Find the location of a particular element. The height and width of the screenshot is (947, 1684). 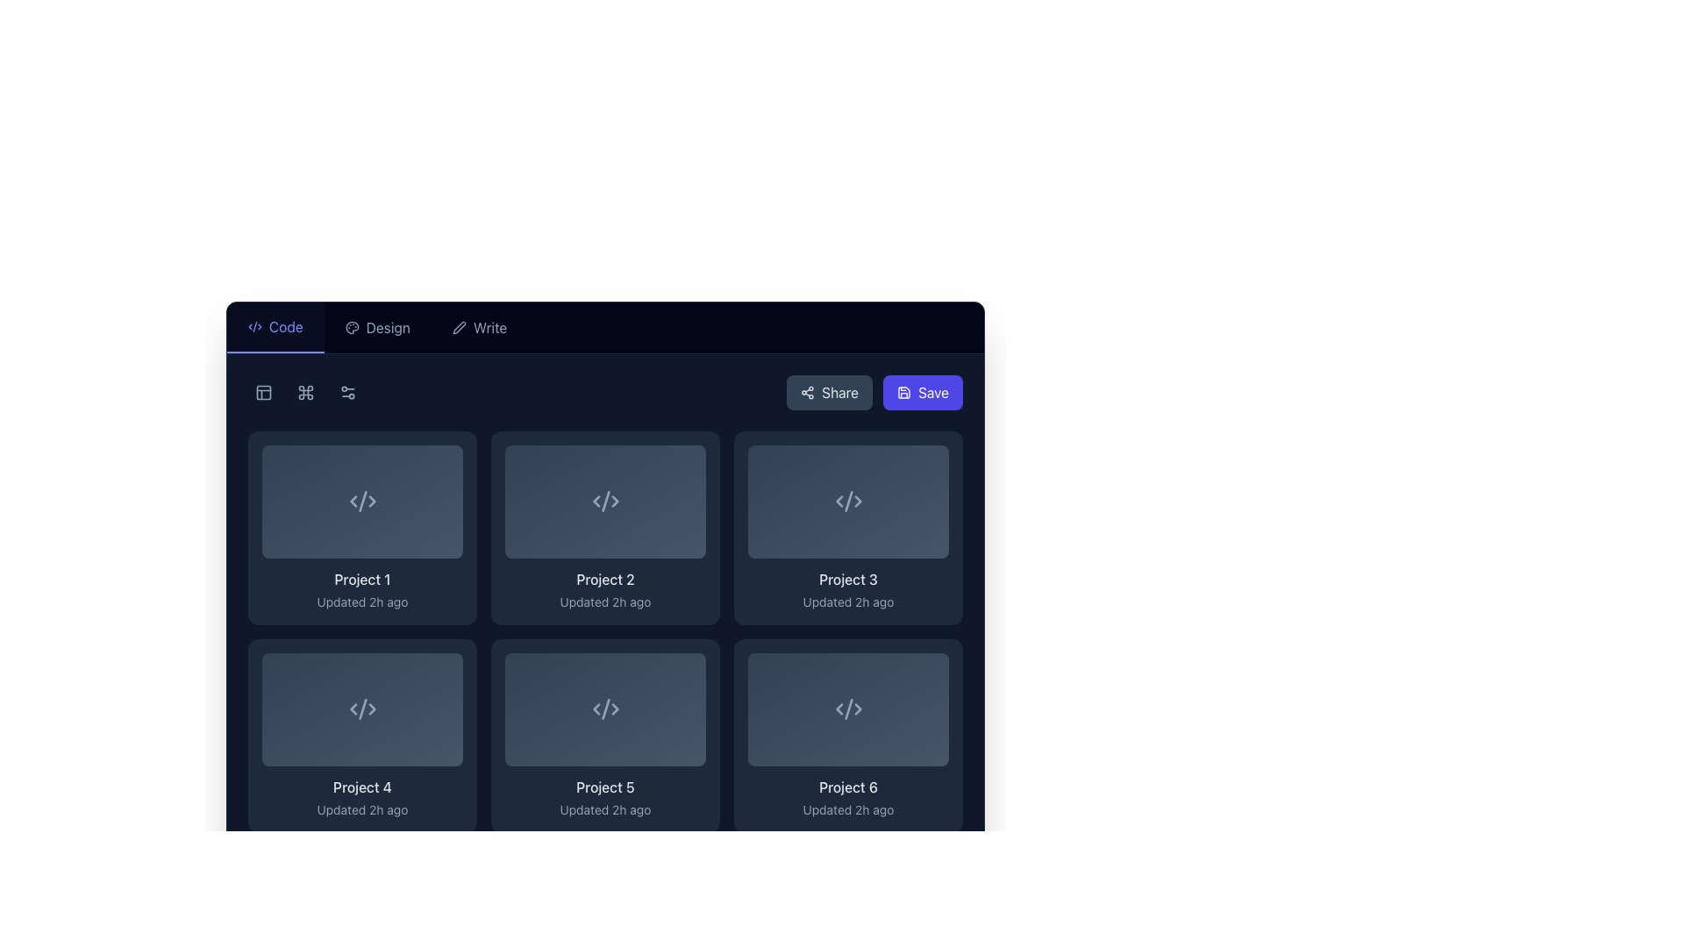

the left-pointing arrow icon within the group of three icons under 'Project 5', which serves as a visual indicator in the interface is located at coordinates (596, 708).